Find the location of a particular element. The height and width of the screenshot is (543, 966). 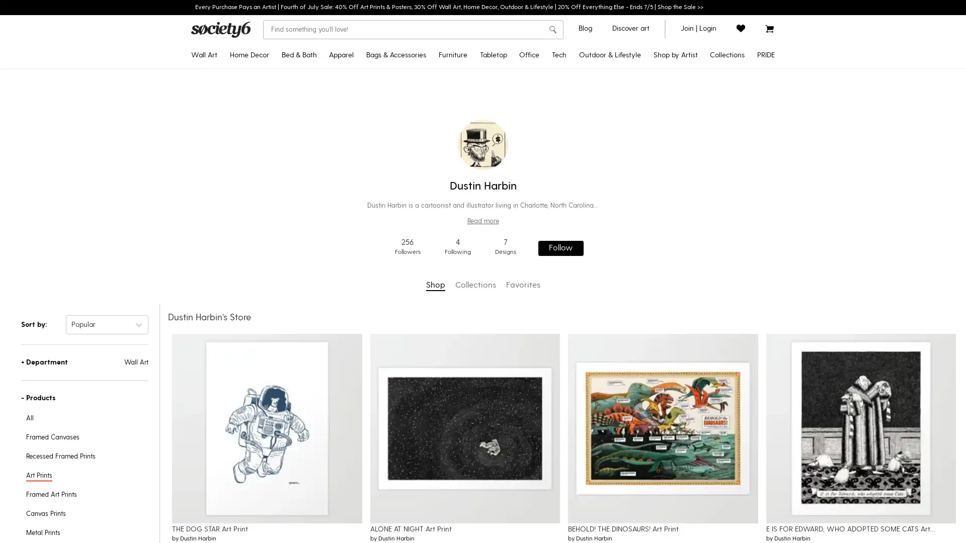

Placemats is located at coordinates (512, 145).